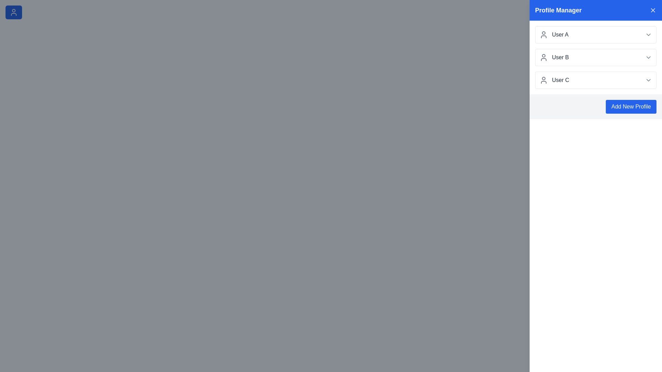  I want to click on the 'Add New User' button located at the bottom-right corner of the 'Profile Manager' section to observe its visual hover effect, so click(631, 106).